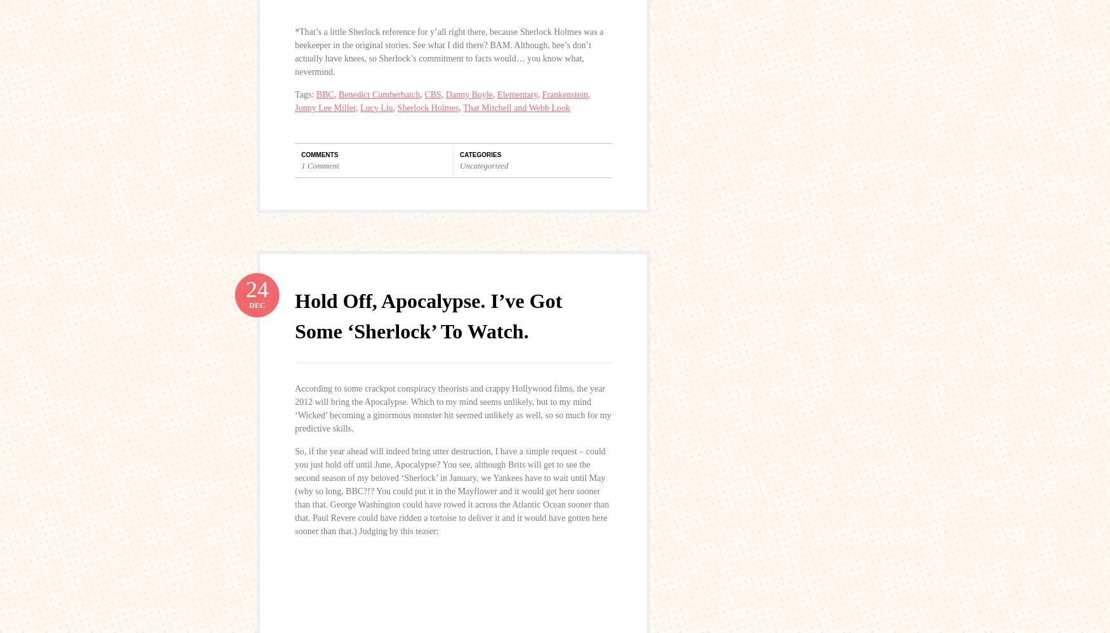 This screenshot has height=633, width=1110. Describe the element at coordinates (360, 107) in the screenshot. I see `'Lucy Liu'` at that location.